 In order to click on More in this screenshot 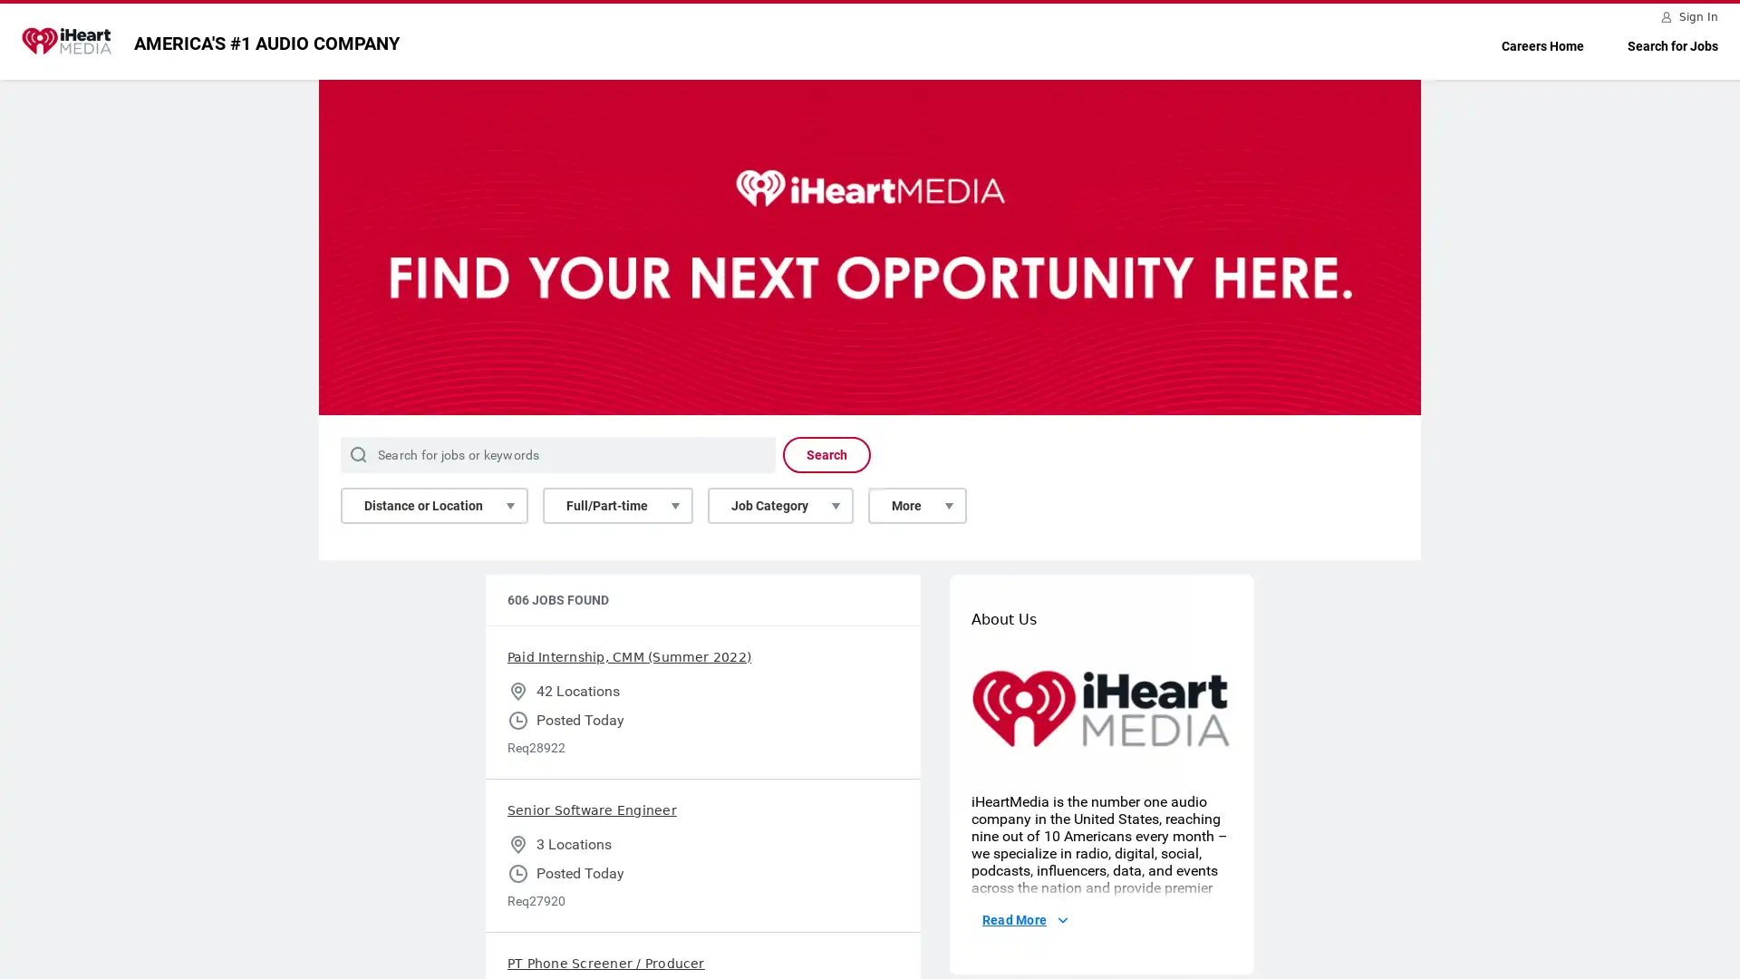, I will do `click(917, 506)`.